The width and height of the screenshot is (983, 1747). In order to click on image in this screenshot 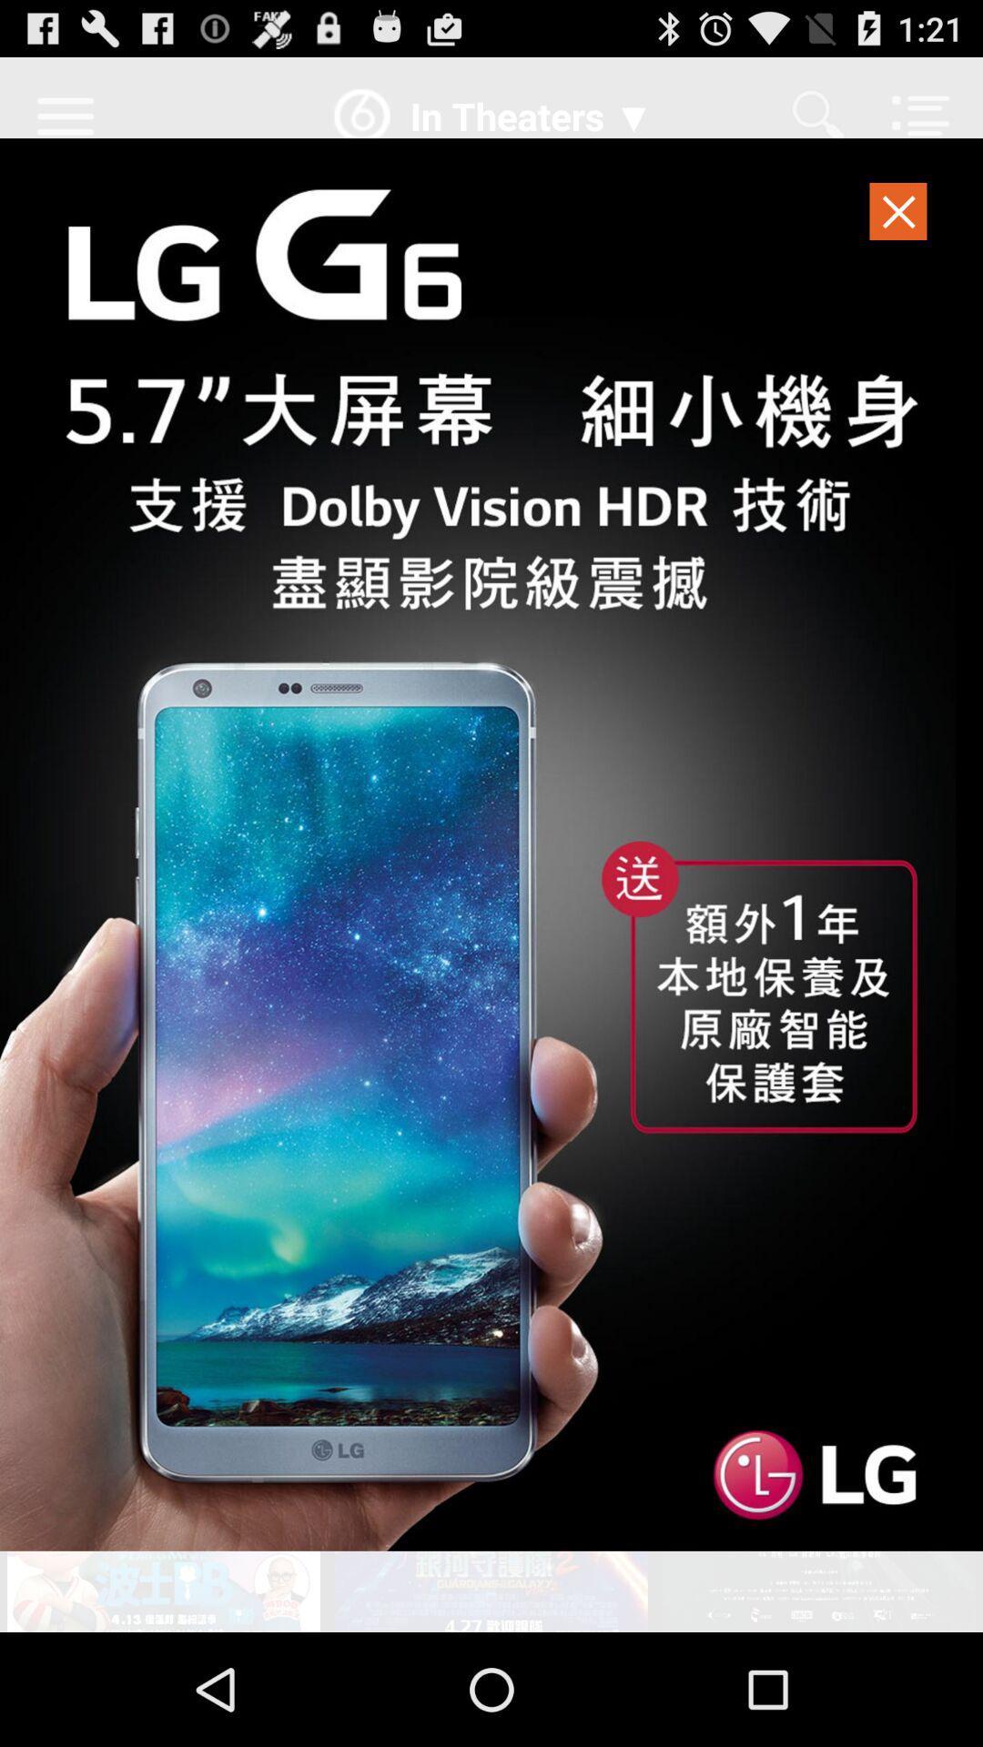, I will do `click(491, 843)`.